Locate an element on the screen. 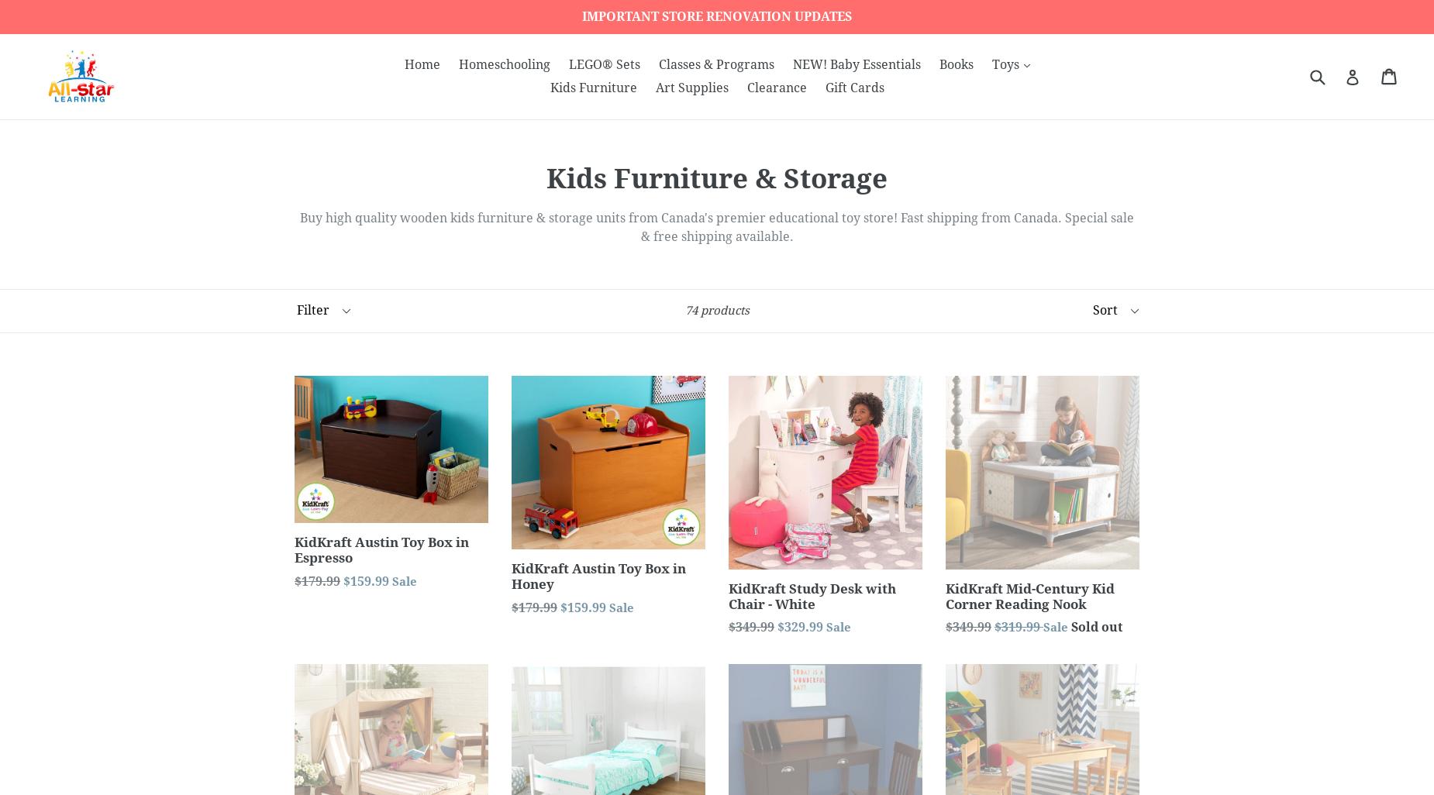  'KidKraft Study Desk with Chair - White' is located at coordinates (812, 595).